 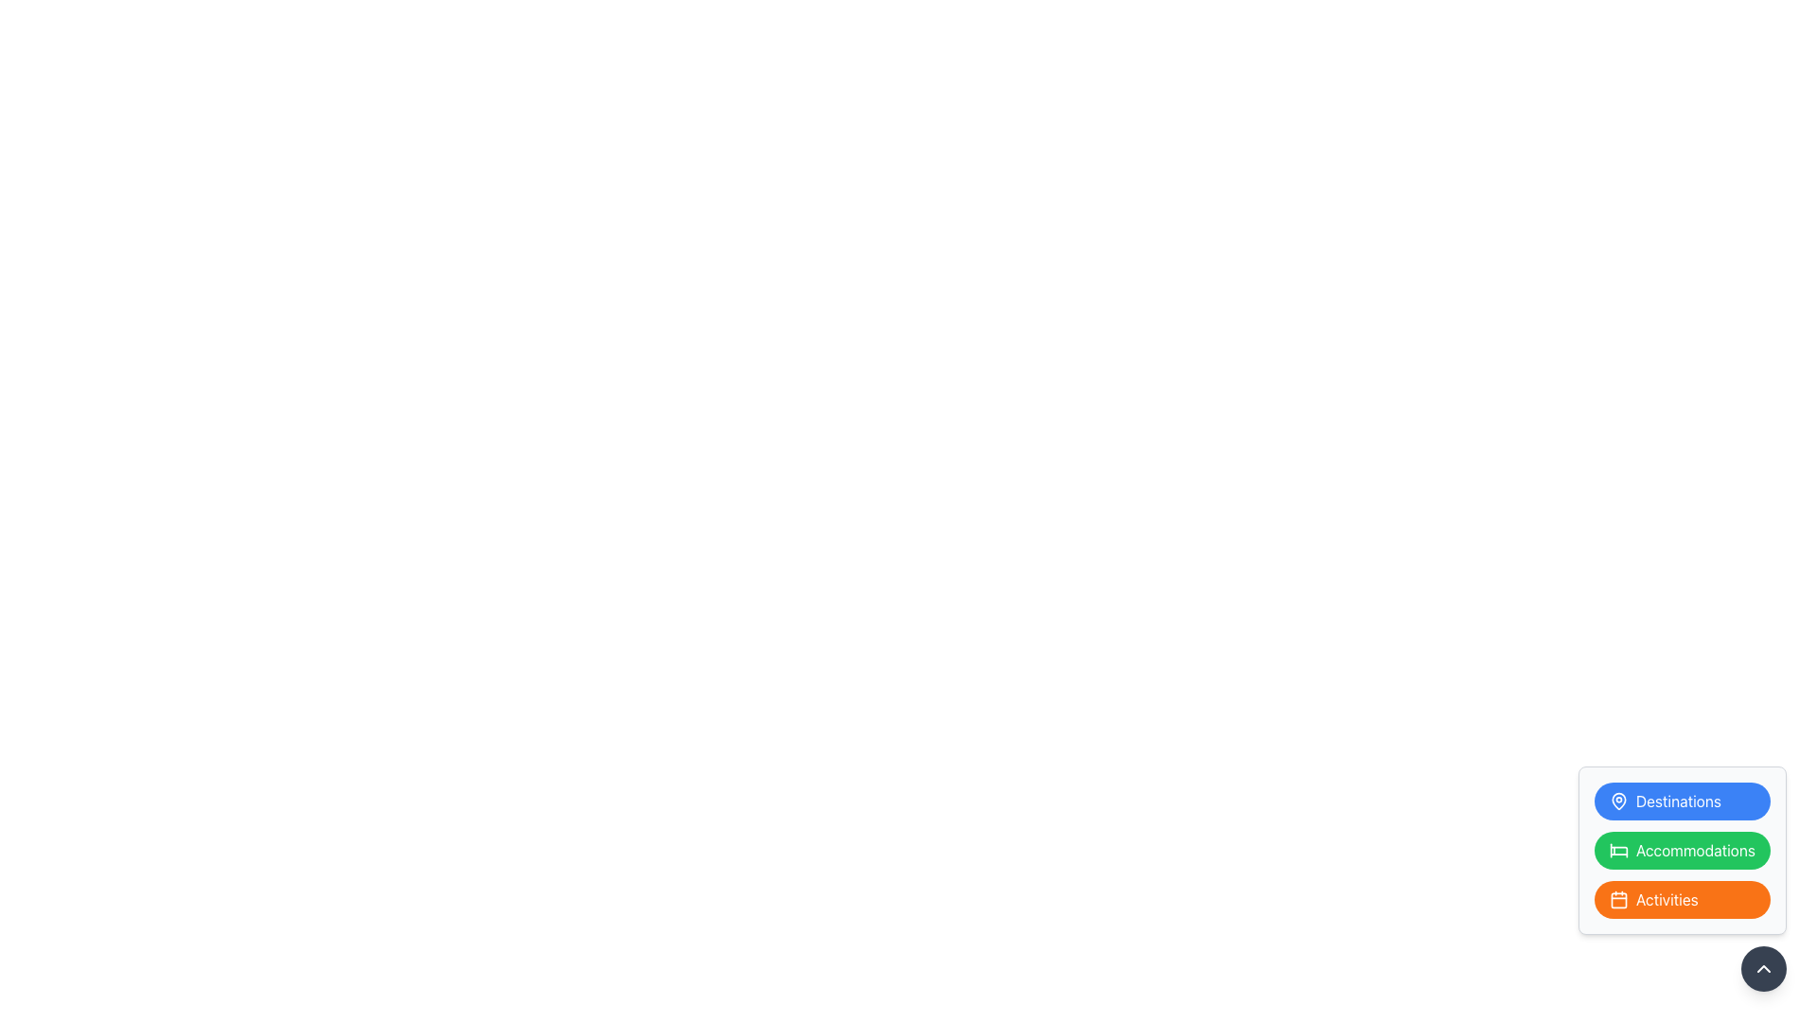 I want to click on the circular button with a dark gray background and white chevron-up icon, so click(x=1762, y=968).